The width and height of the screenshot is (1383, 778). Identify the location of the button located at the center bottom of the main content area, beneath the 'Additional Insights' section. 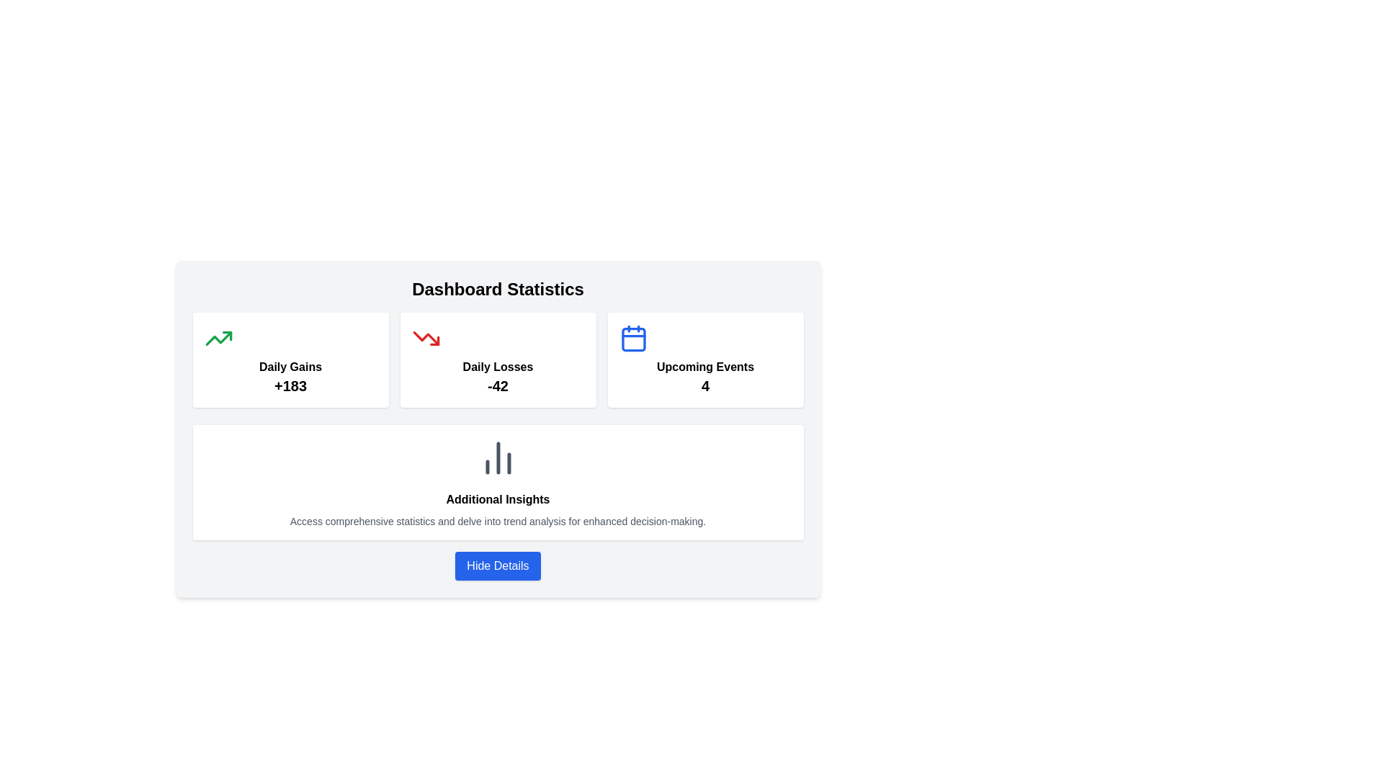
(498, 565).